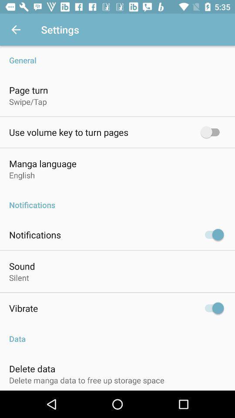 The height and width of the screenshot is (418, 235). I want to click on the icon to the left of settings item, so click(16, 30).